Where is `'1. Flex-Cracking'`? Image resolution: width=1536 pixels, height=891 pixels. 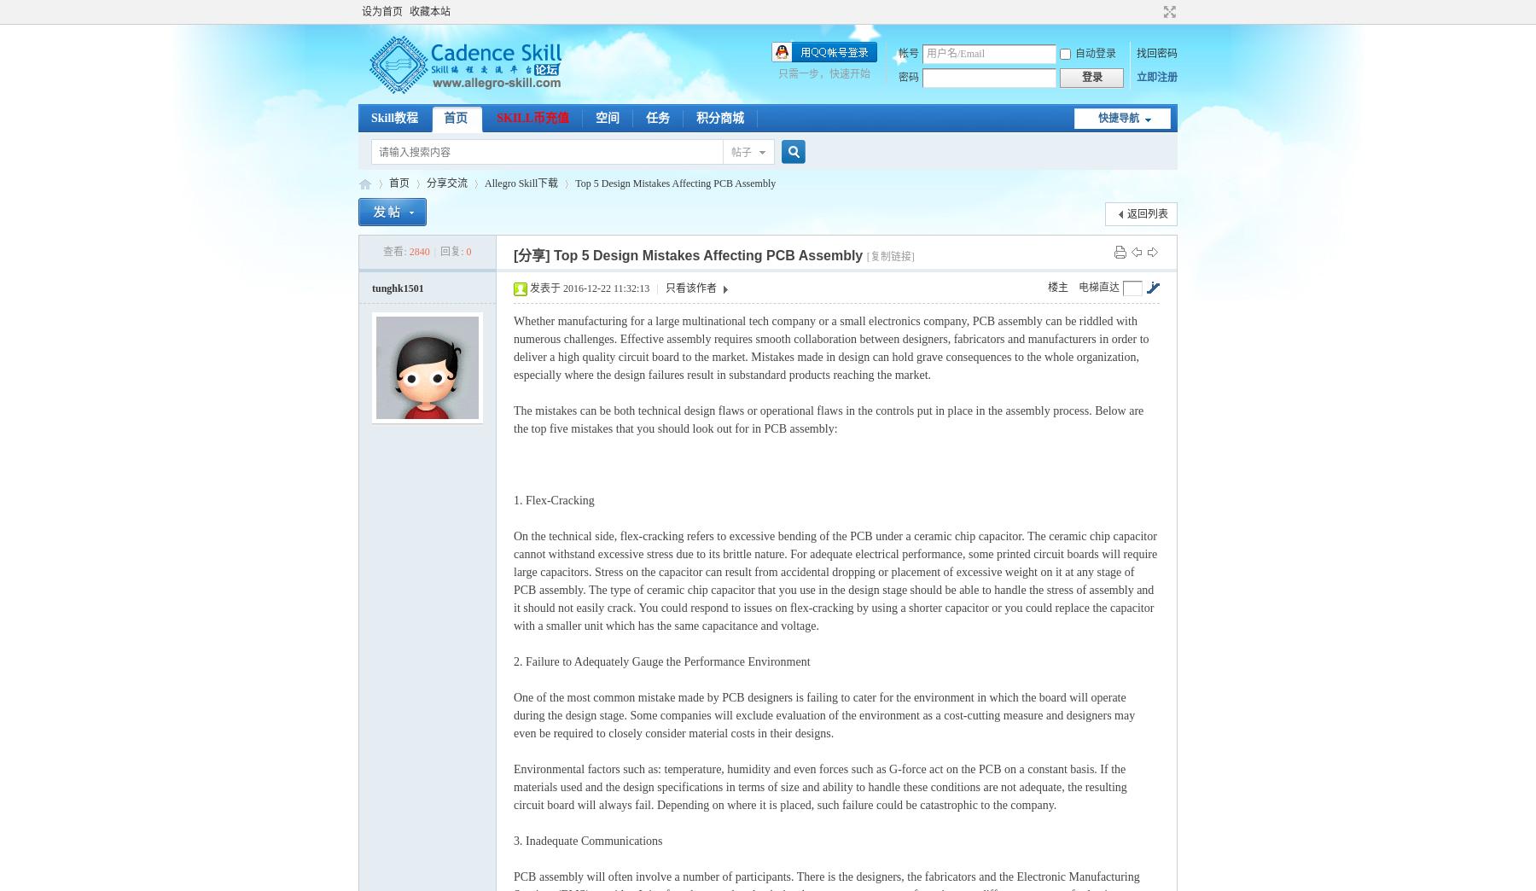 '1. Flex-Cracking' is located at coordinates (554, 499).